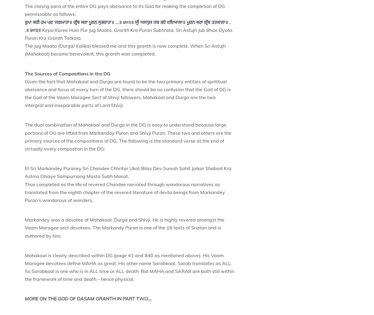 The image size is (374, 315). What do you see at coordinates (128, 136) in the screenshot?
I see `'The dual combination of Mahakaal and Durga in the DG is easy to understand because large portions of DG are lifted from Markanday Puran and Shivji Puran. These two and others are the primary sources of the compositions of DG. The following is the standard verse at the end of virtually every compostion in the DG:'` at bounding box center [128, 136].